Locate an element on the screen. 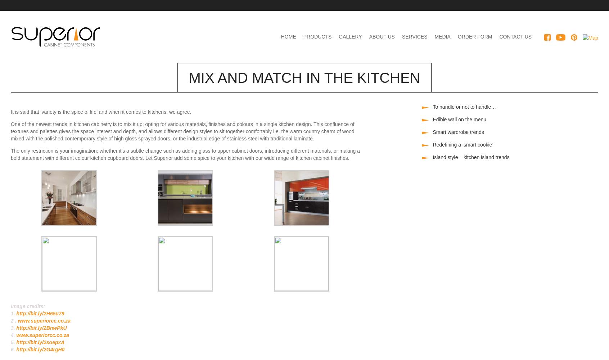  'Redefining a ‘smart cookie’' is located at coordinates (462, 145).